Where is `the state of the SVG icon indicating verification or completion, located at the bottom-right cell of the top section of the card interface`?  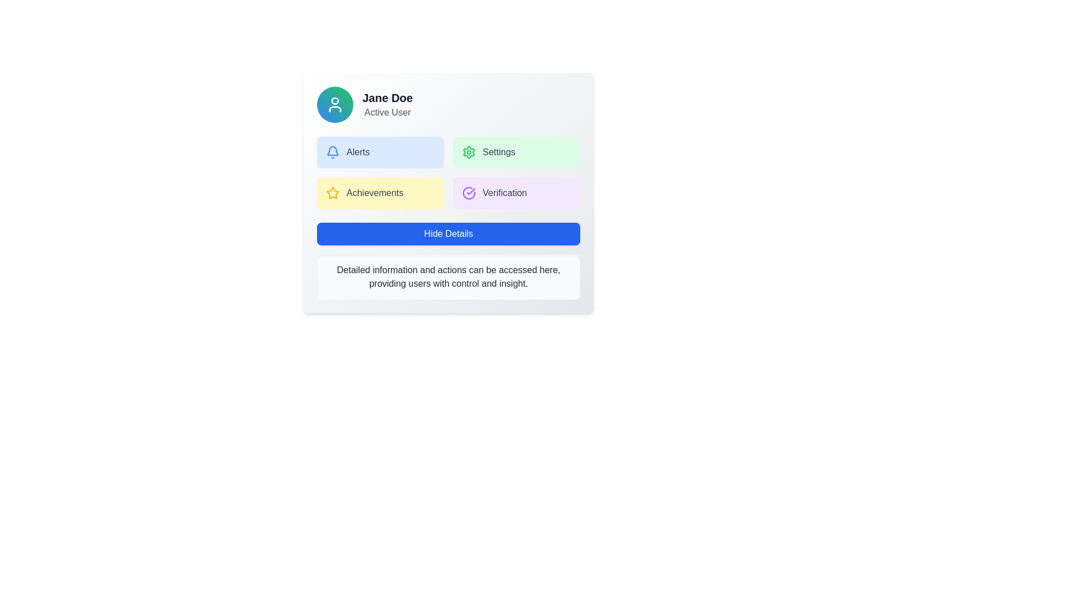 the state of the SVG icon indicating verification or completion, located at the bottom-right cell of the top section of the card interface is located at coordinates (468, 192).